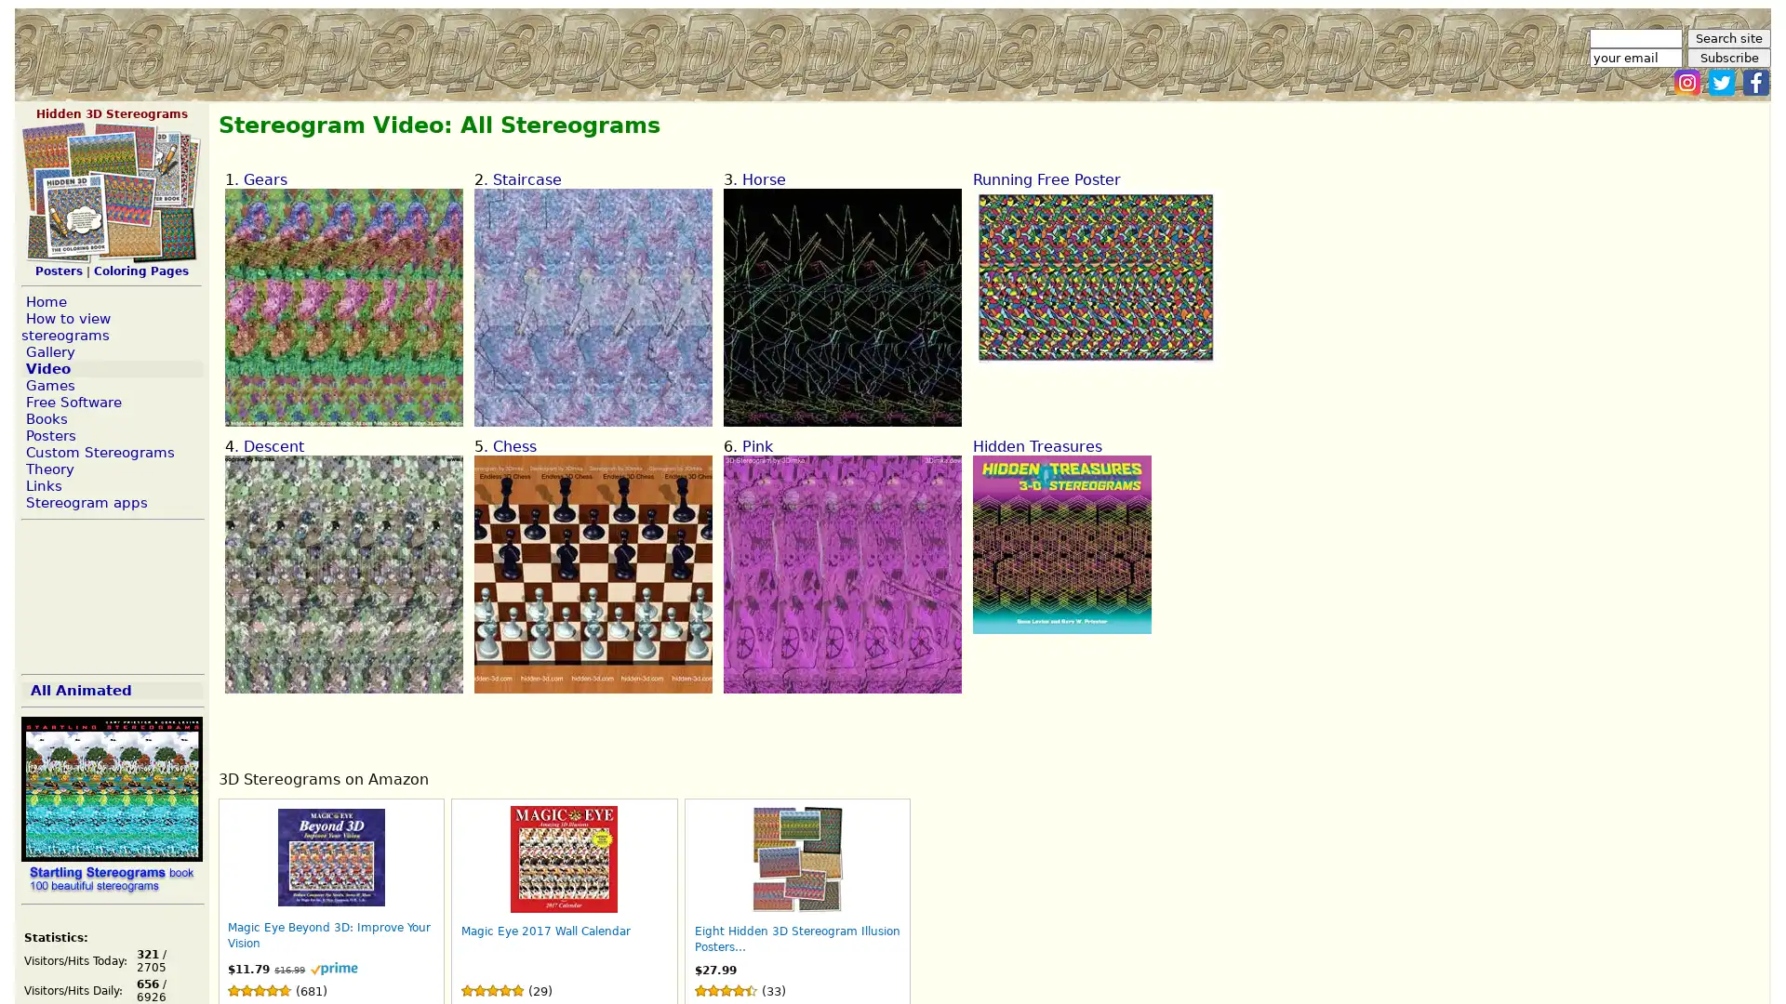 The image size is (1786, 1004). Describe the element at coordinates (1727, 57) in the screenshot. I see `Subscribe` at that location.